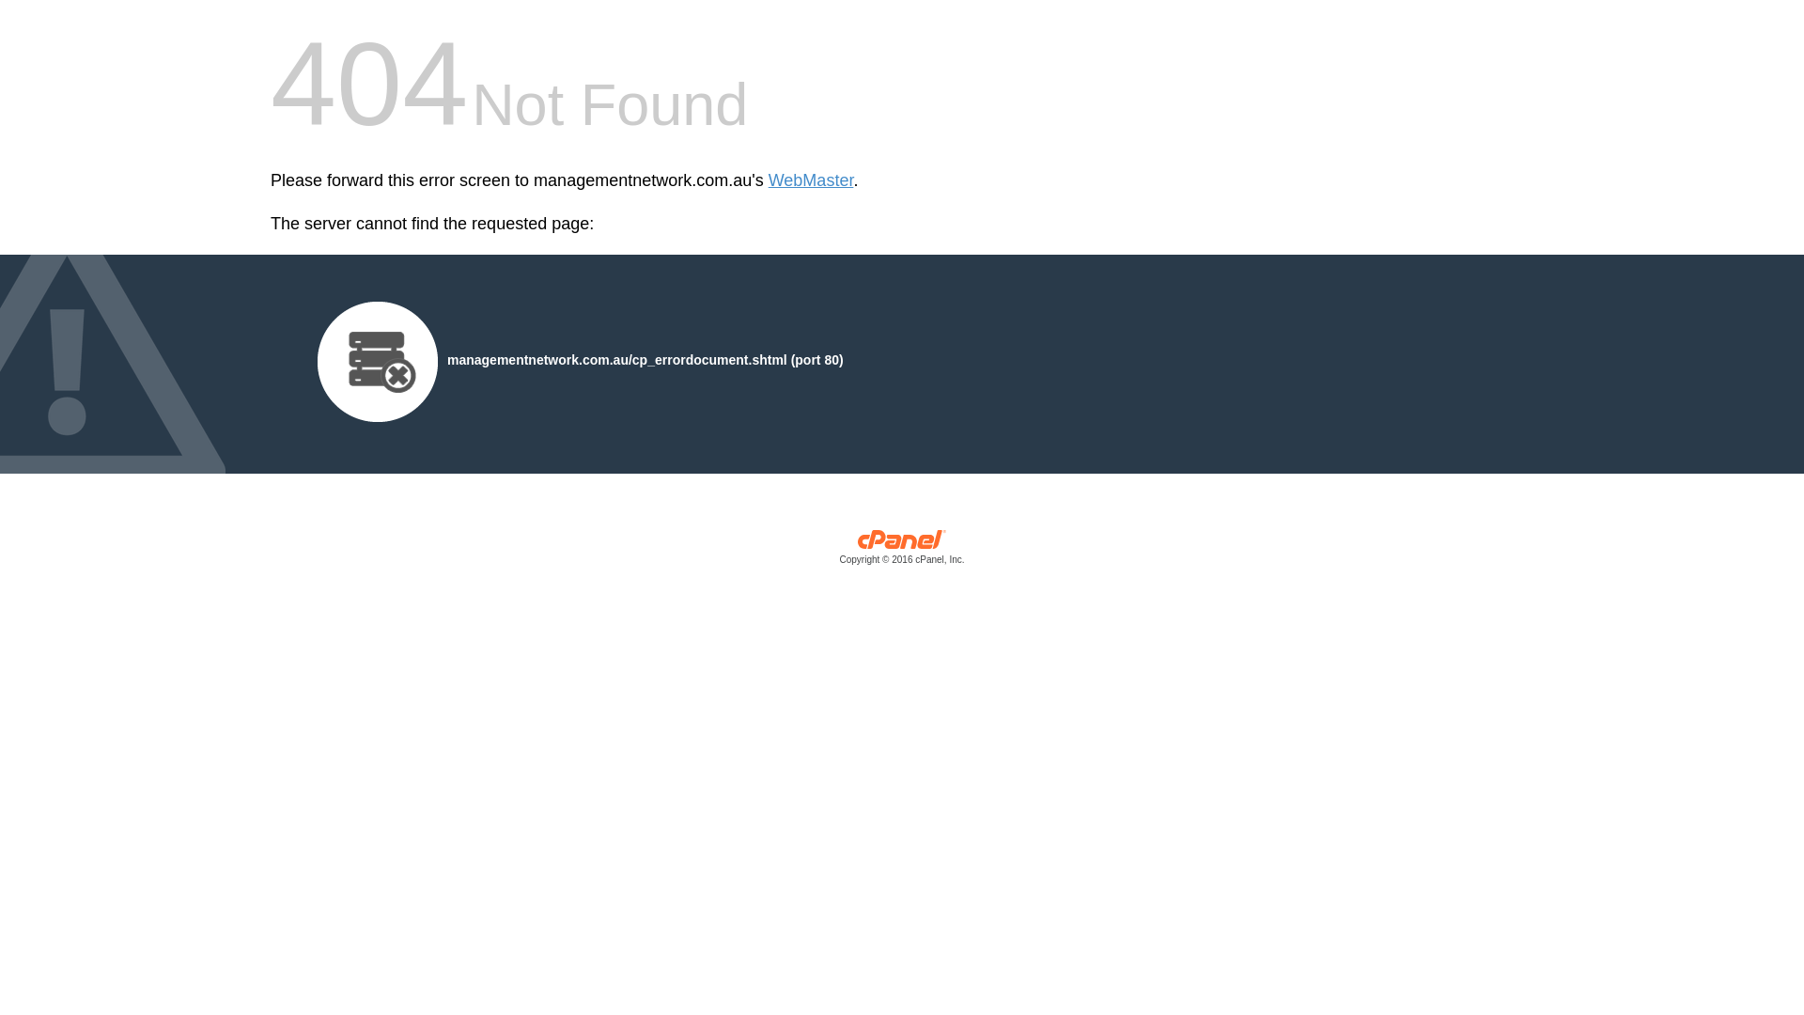  Describe the element at coordinates (768, 180) in the screenshot. I see `'WebMaster'` at that location.